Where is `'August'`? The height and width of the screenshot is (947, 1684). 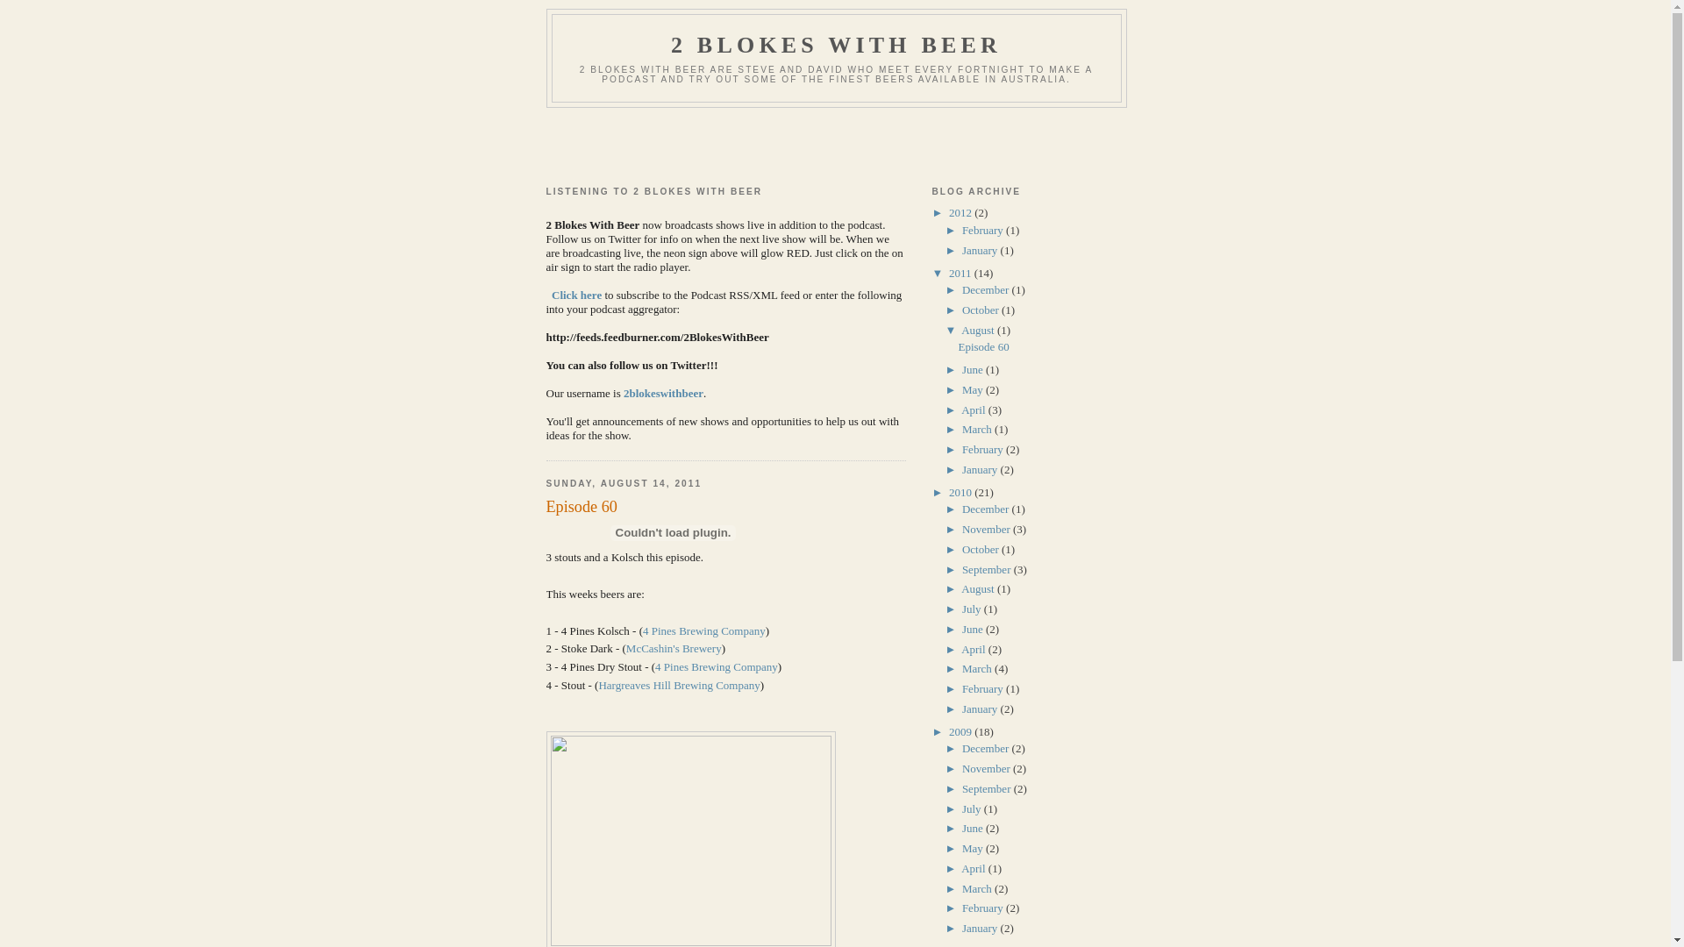 'August' is located at coordinates (978, 588).